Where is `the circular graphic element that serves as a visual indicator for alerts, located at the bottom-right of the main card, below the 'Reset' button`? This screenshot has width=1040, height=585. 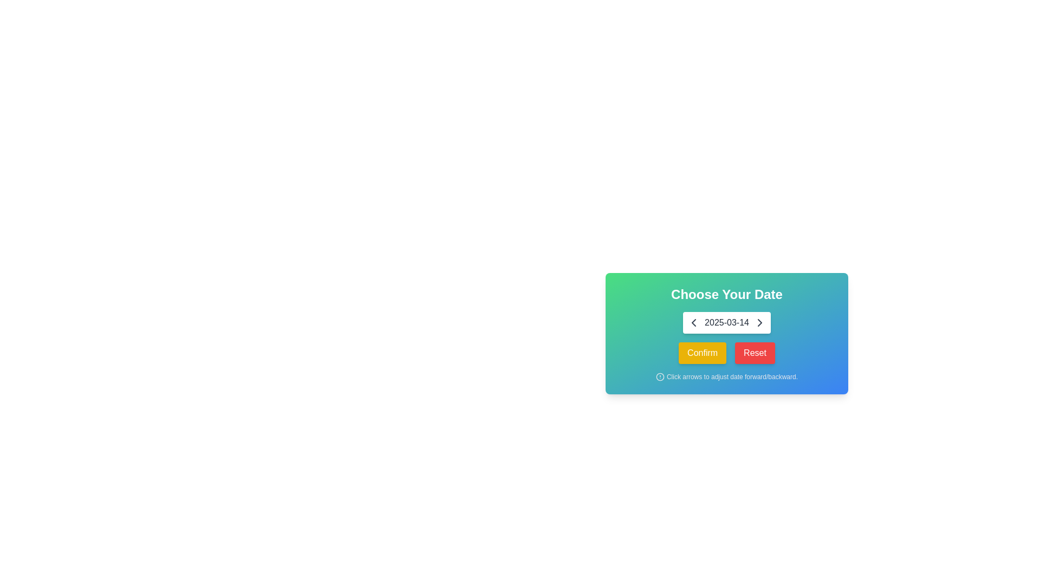
the circular graphic element that serves as a visual indicator for alerts, located at the bottom-right of the main card, below the 'Reset' button is located at coordinates (660, 376).